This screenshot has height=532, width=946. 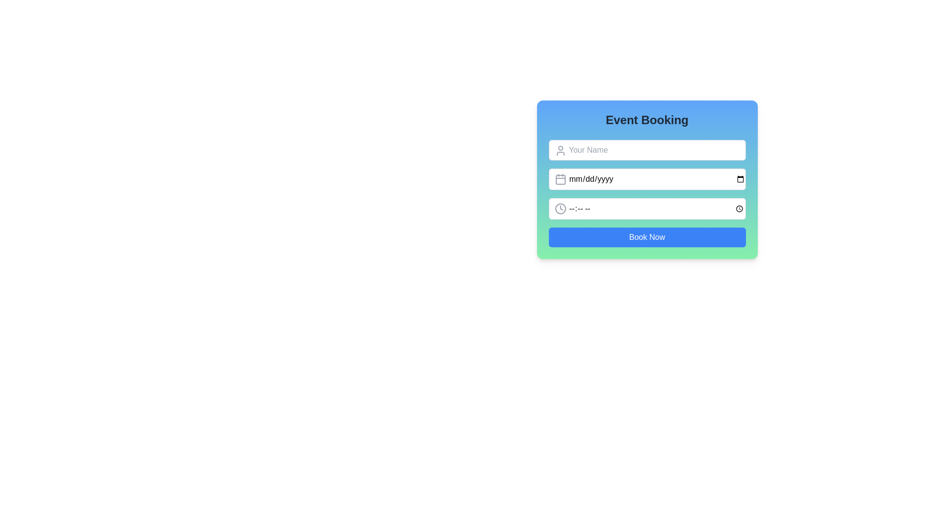 What do you see at coordinates (560, 208) in the screenshot?
I see `the SVG Circle that forms the exterior of the clock-like icon, which has a light gray outline and surrounds the clock's hands` at bounding box center [560, 208].